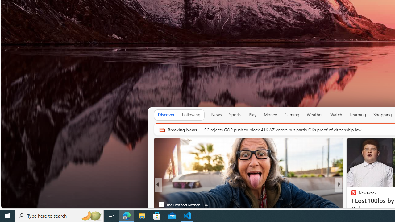  Describe the element at coordinates (291, 115) in the screenshot. I see `'Gaming'` at that location.